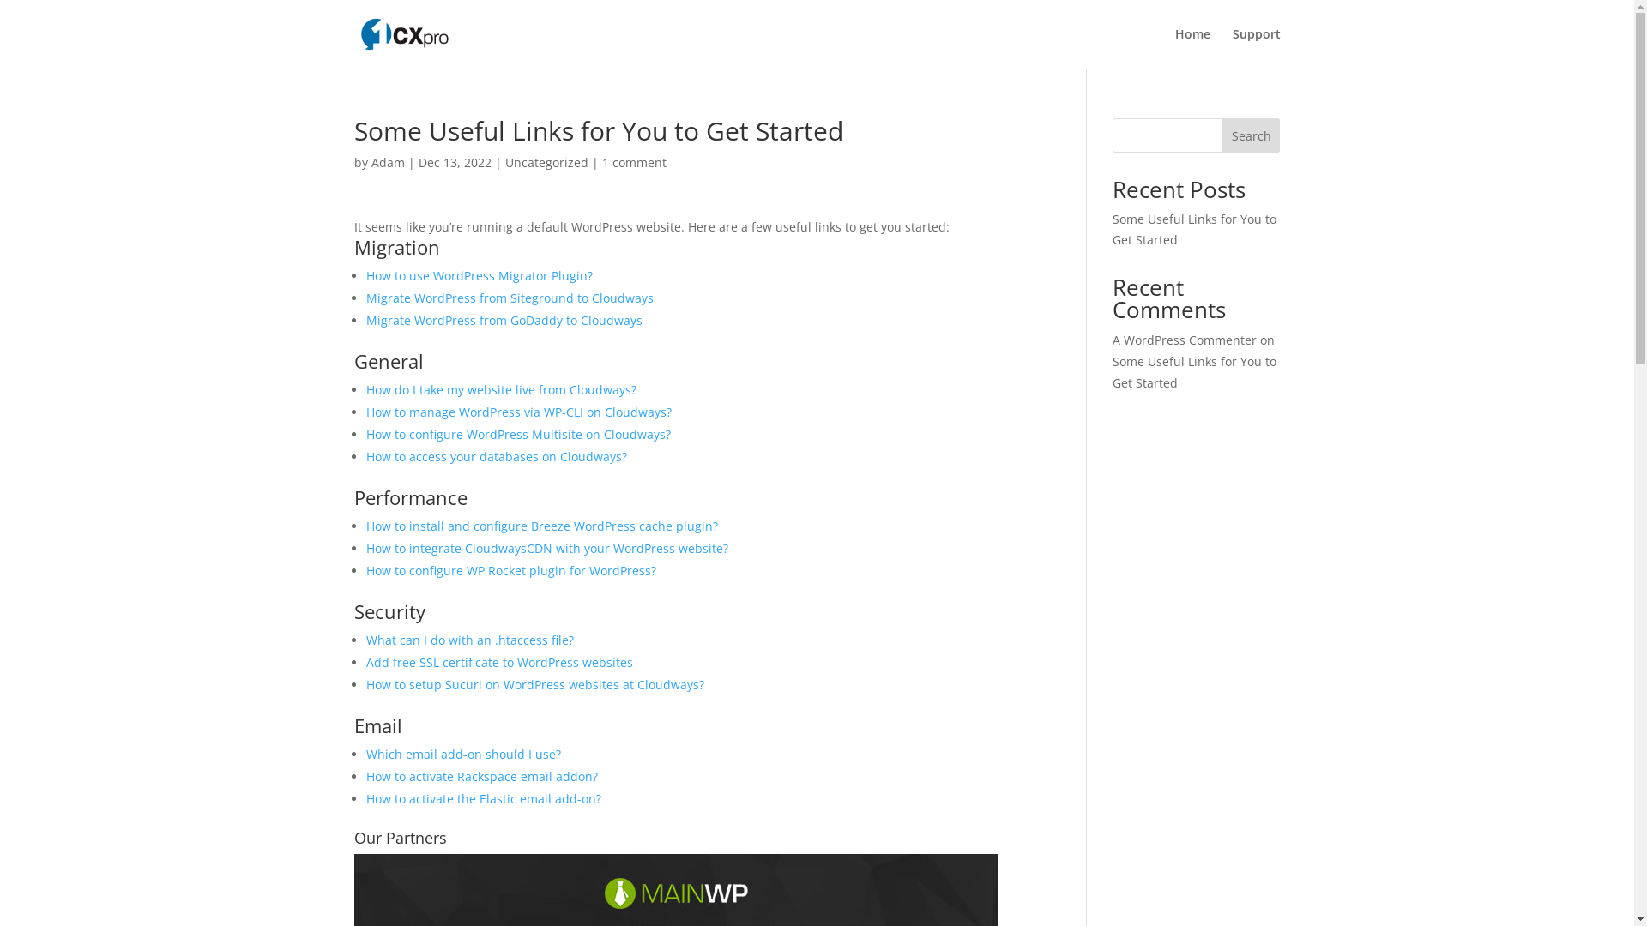 The height and width of the screenshot is (926, 1647). I want to click on 'How to use WordPress Migrator Plugin?', so click(478, 274).